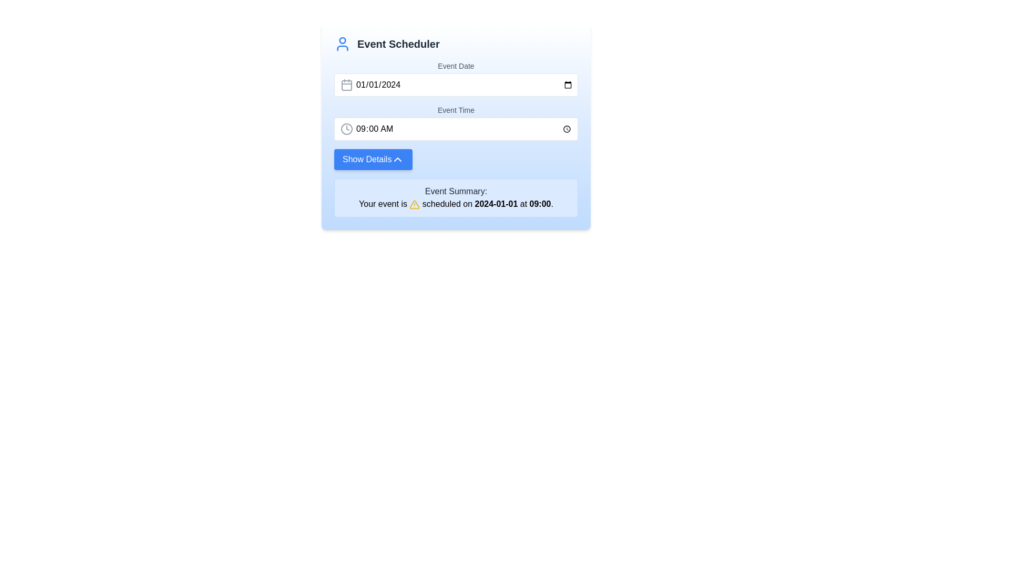  I want to click on the Time input field located below the 'Event Time' label by pressing the tab key, so click(456, 129).